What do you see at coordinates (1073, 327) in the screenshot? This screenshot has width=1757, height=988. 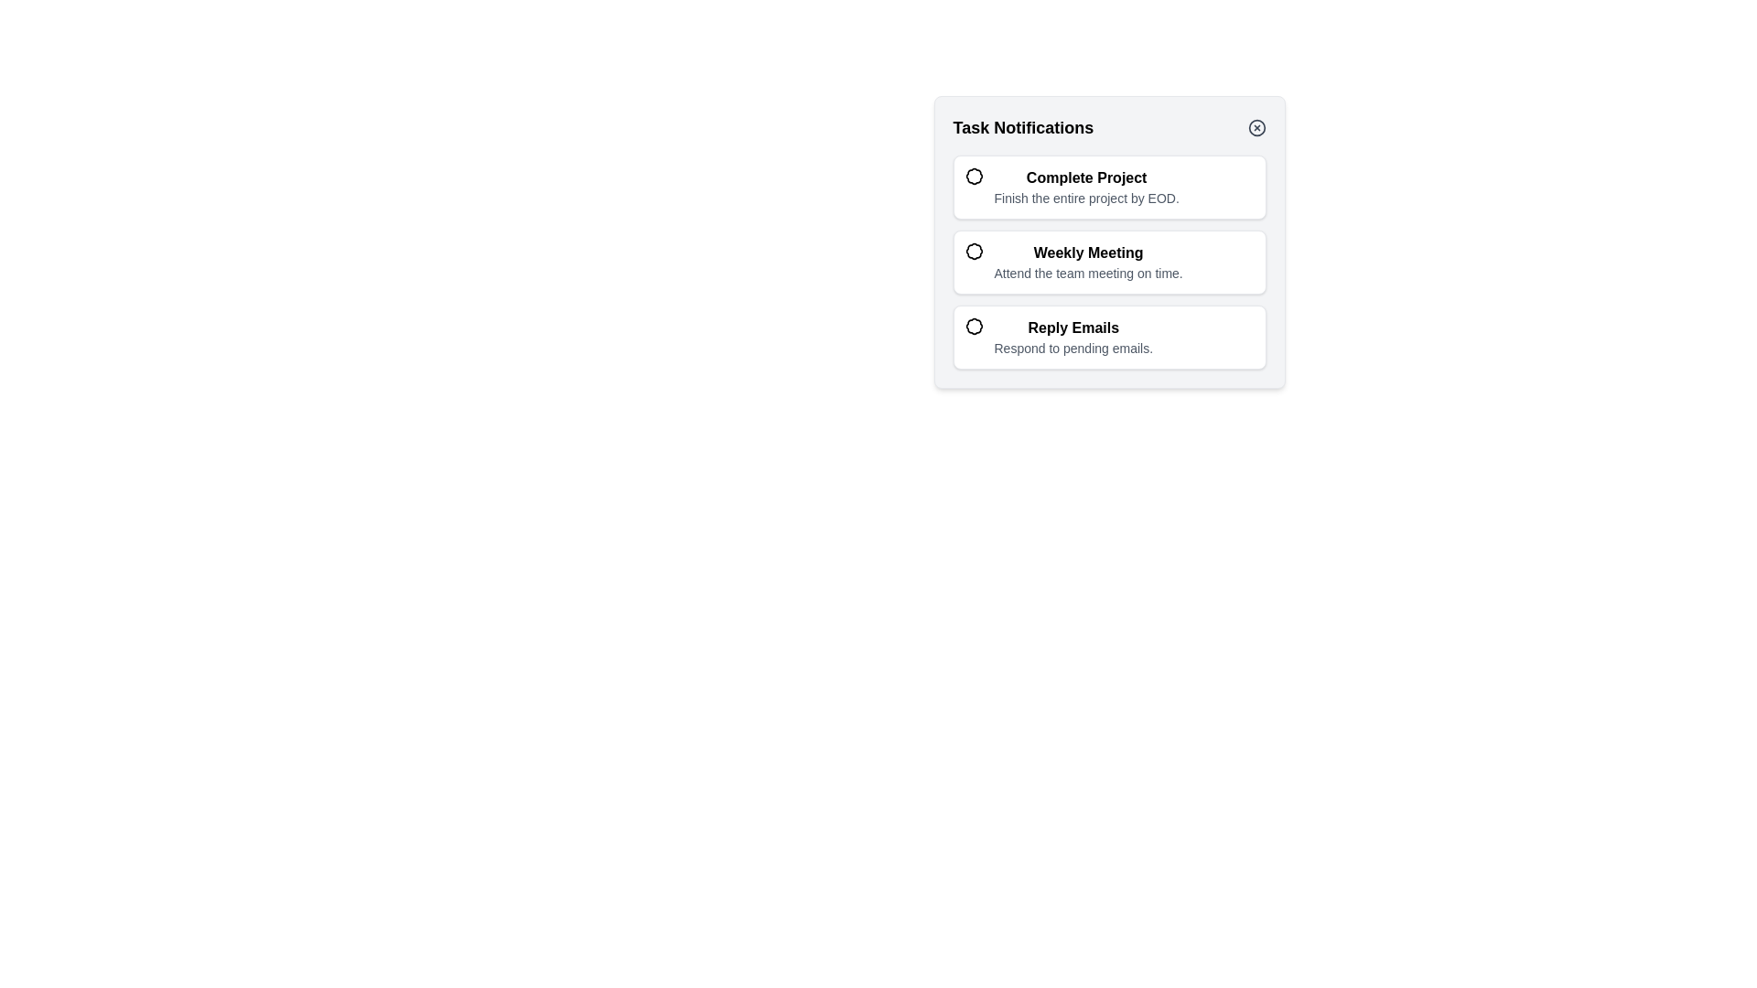 I see `the 'Reply Emails' text label, which is bold and prominently displayed above a lighter subtext in the task list interface` at bounding box center [1073, 327].